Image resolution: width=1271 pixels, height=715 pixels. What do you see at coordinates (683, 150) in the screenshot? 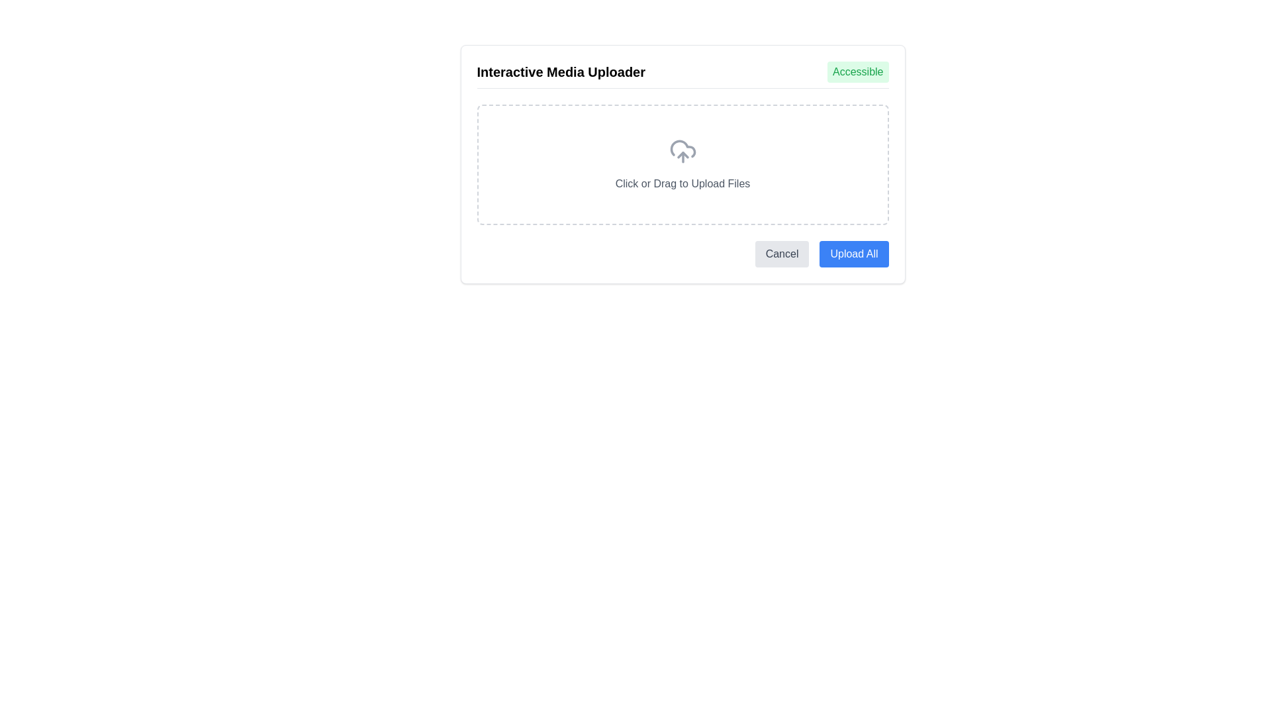
I see `the design of the cloud icon with an upward arrow, which indicates upload functionality, positioned above the text 'Click or Drag to Upload Files'` at bounding box center [683, 150].